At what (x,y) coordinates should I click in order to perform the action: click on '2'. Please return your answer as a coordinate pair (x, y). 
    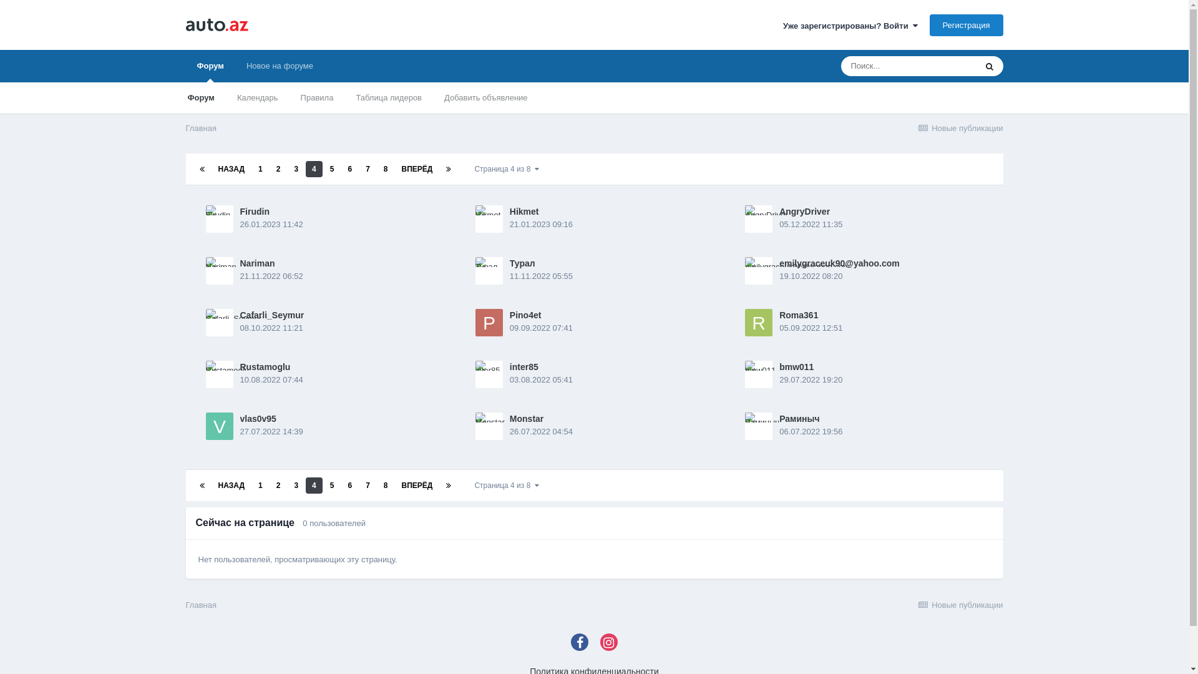
    Looking at the image, I should click on (278, 484).